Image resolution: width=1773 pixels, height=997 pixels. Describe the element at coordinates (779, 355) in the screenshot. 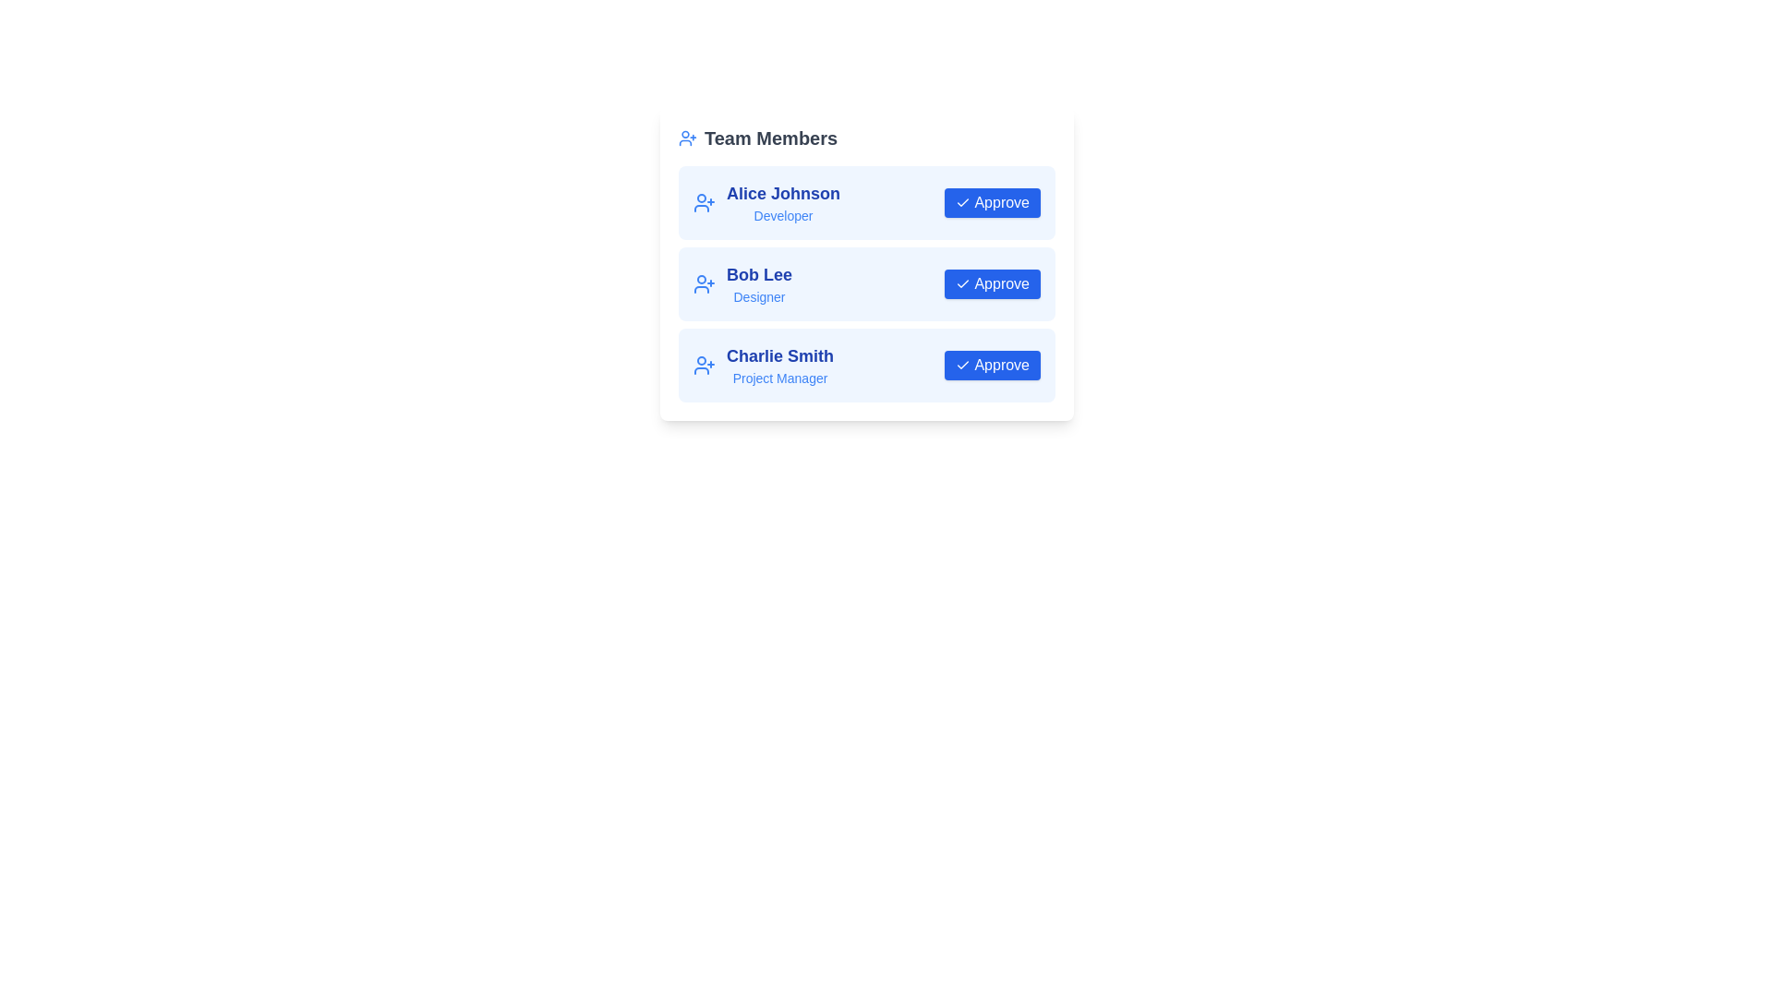

I see `the text label displaying 'Charlie Smith' in bold and large blue font, positioned as the third item in the 'Team Members' section, to the left of the 'Approve' button` at that location.